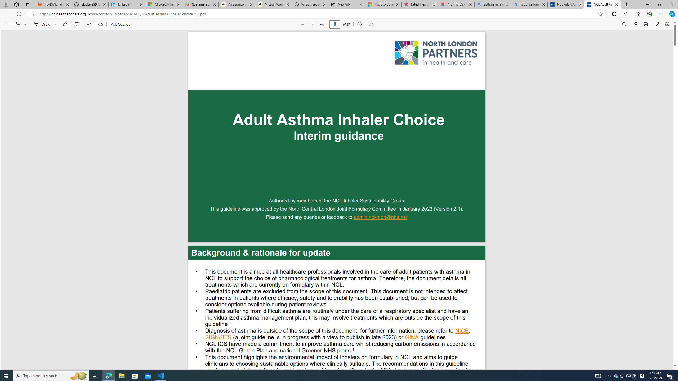 The image size is (678, 381). I want to click on 'Read aloud', so click(88, 24).